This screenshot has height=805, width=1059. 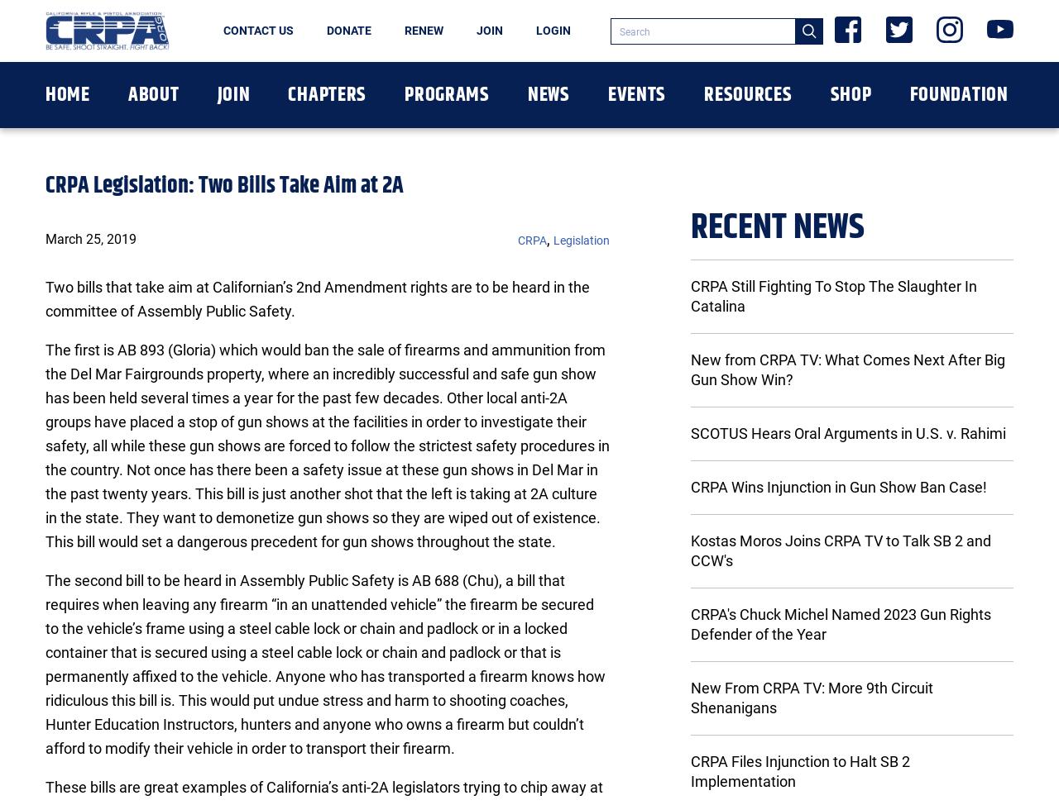 I want to click on 'New From CRPA TV: More 9th Circuit Shenanigans', so click(x=690, y=698).